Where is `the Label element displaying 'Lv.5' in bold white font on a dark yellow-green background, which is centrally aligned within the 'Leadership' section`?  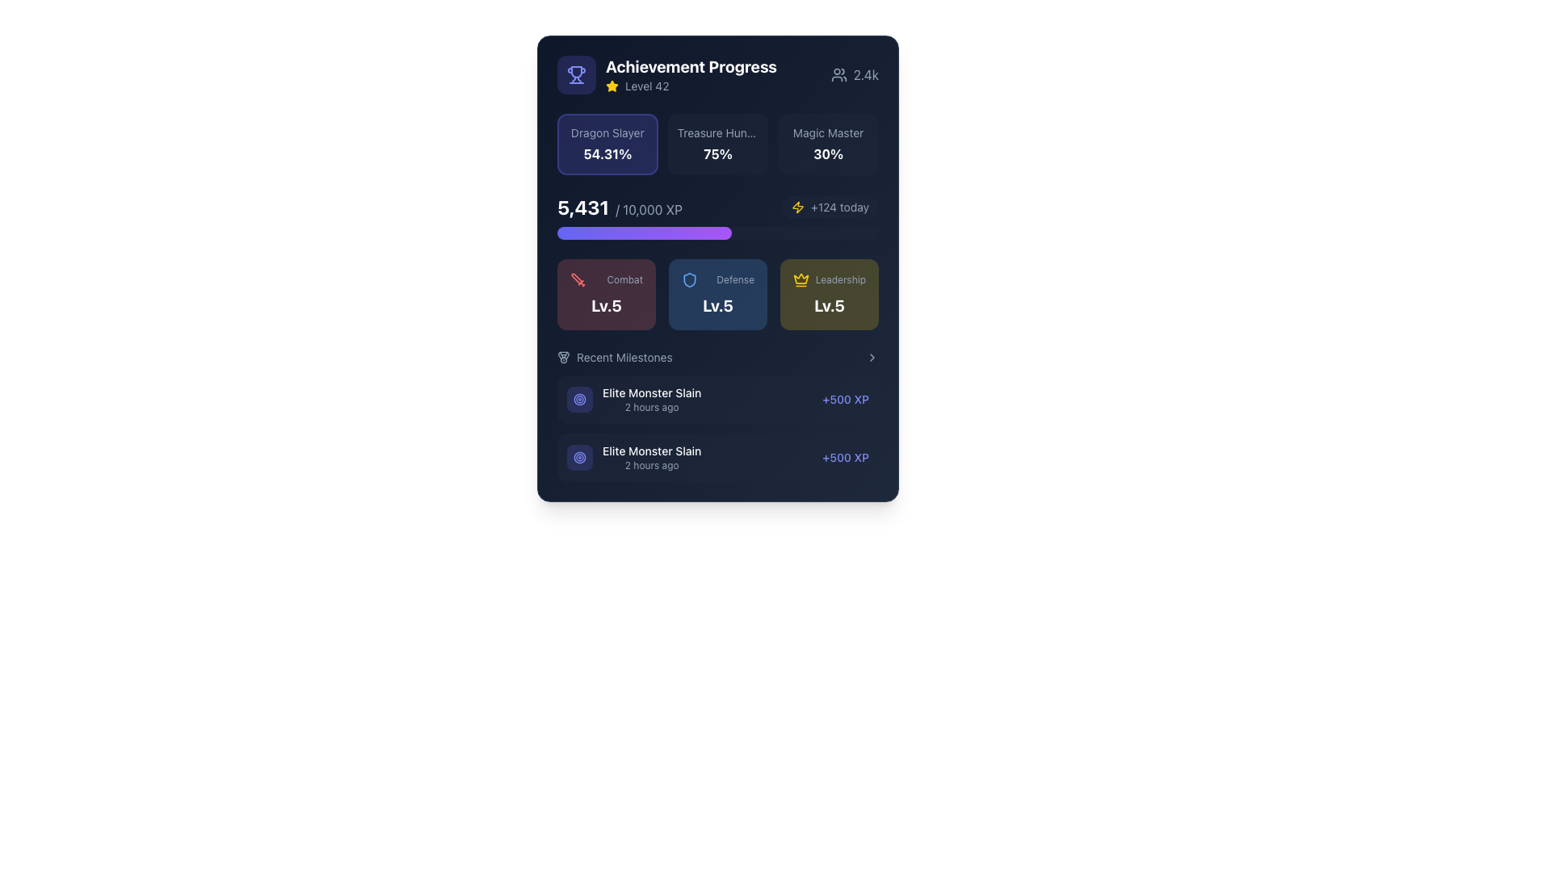 the Label element displaying 'Lv.5' in bold white font on a dark yellow-green background, which is centrally aligned within the 'Leadership' section is located at coordinates (830, 305).